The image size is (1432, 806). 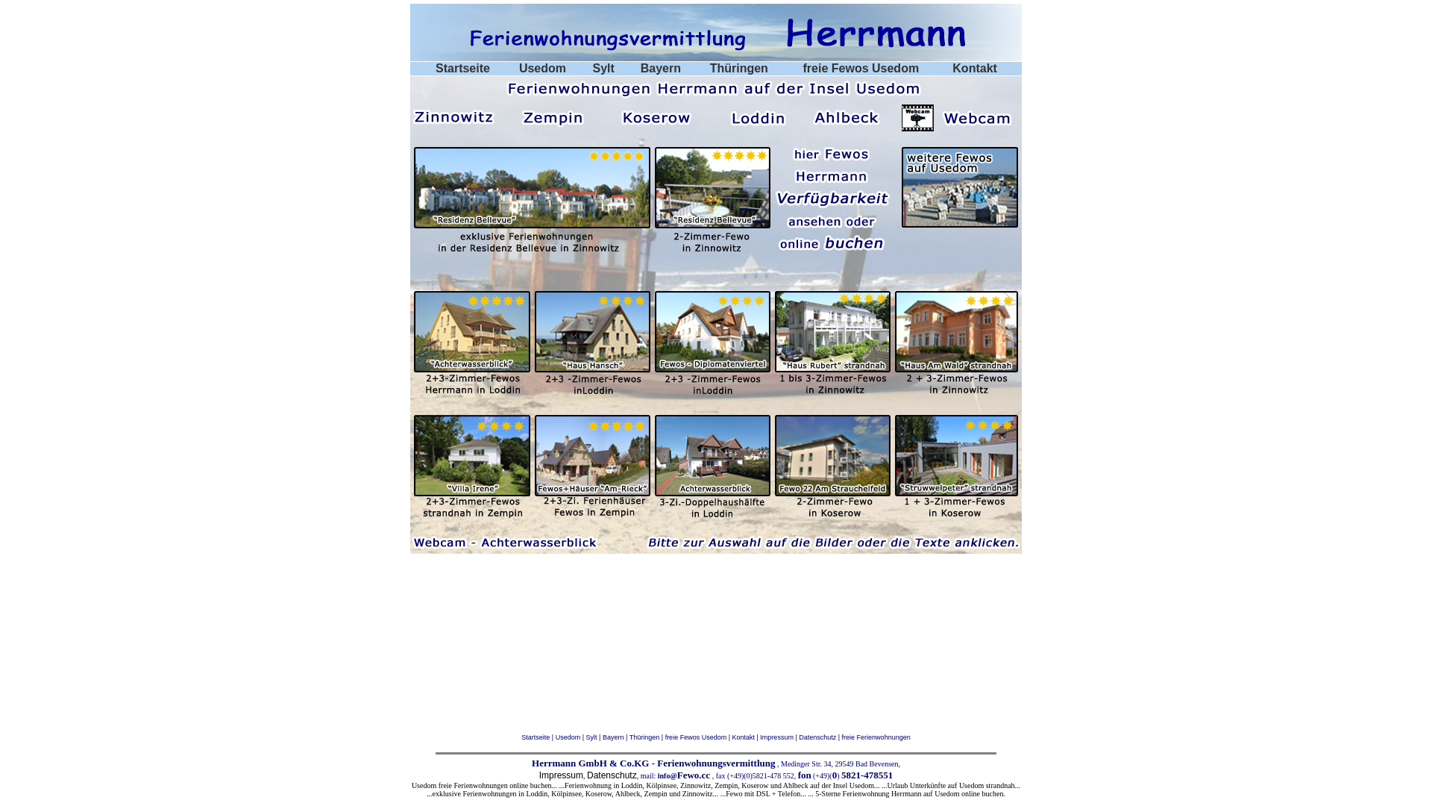 What do you see at coordinates (732, 736) in the screenshot?
I see `'Kontakt'` at bounding box center [732, 736].